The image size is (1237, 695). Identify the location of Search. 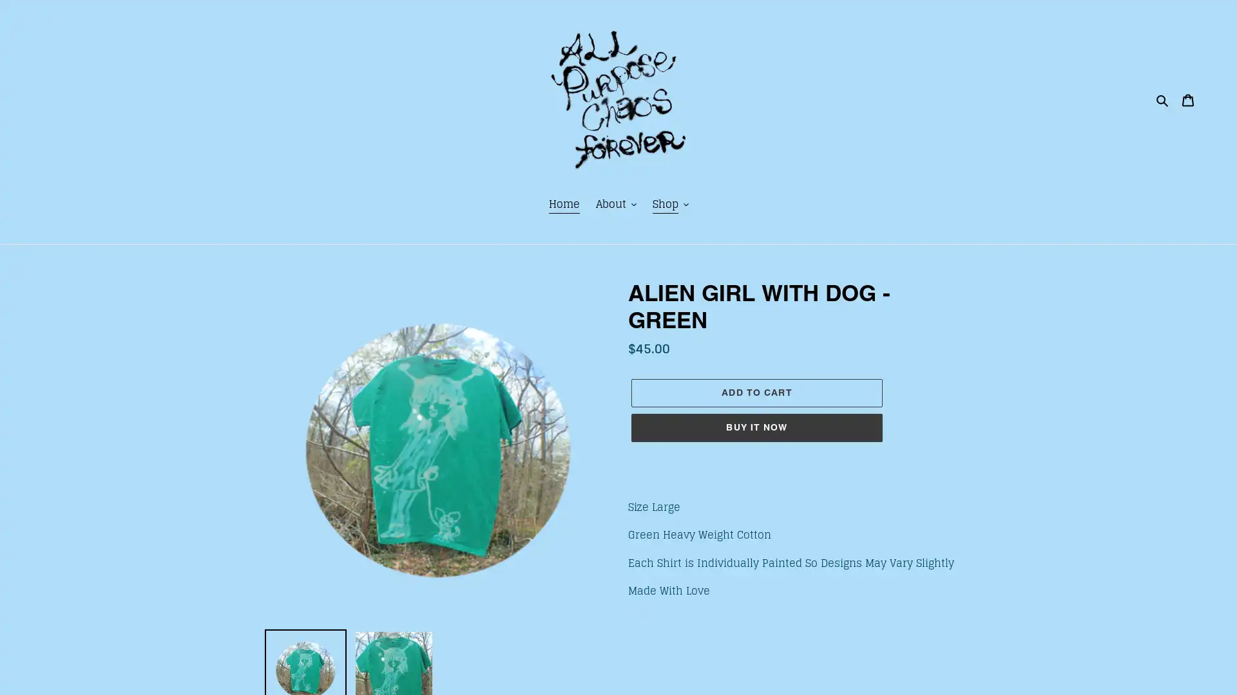
(1162, 98).